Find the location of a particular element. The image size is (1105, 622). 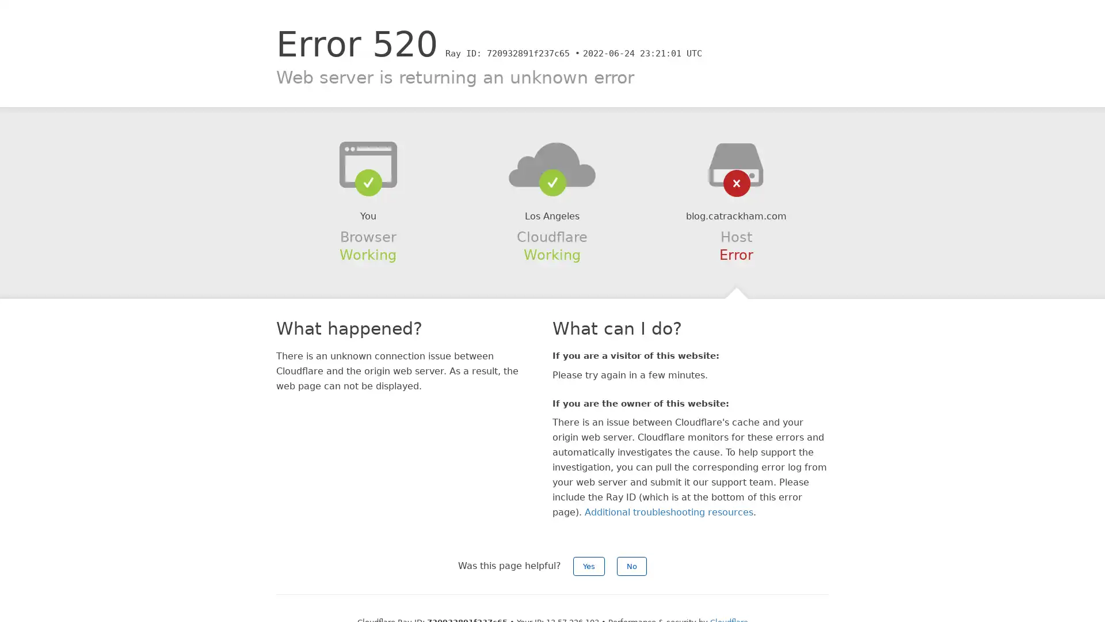

No is located at coordinates (631, 566).